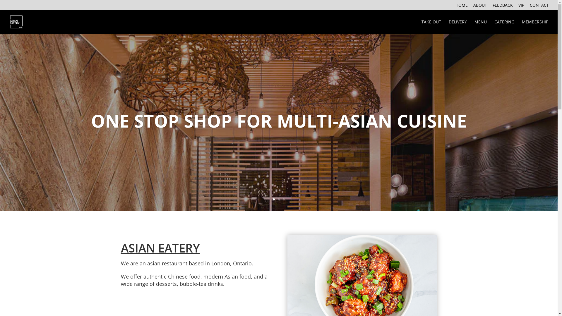 The image size is (562, 316). What do you see at coordinates (504, 27) in the screenshot?
I see `'CATERING'` at bounding box center [504, 27].